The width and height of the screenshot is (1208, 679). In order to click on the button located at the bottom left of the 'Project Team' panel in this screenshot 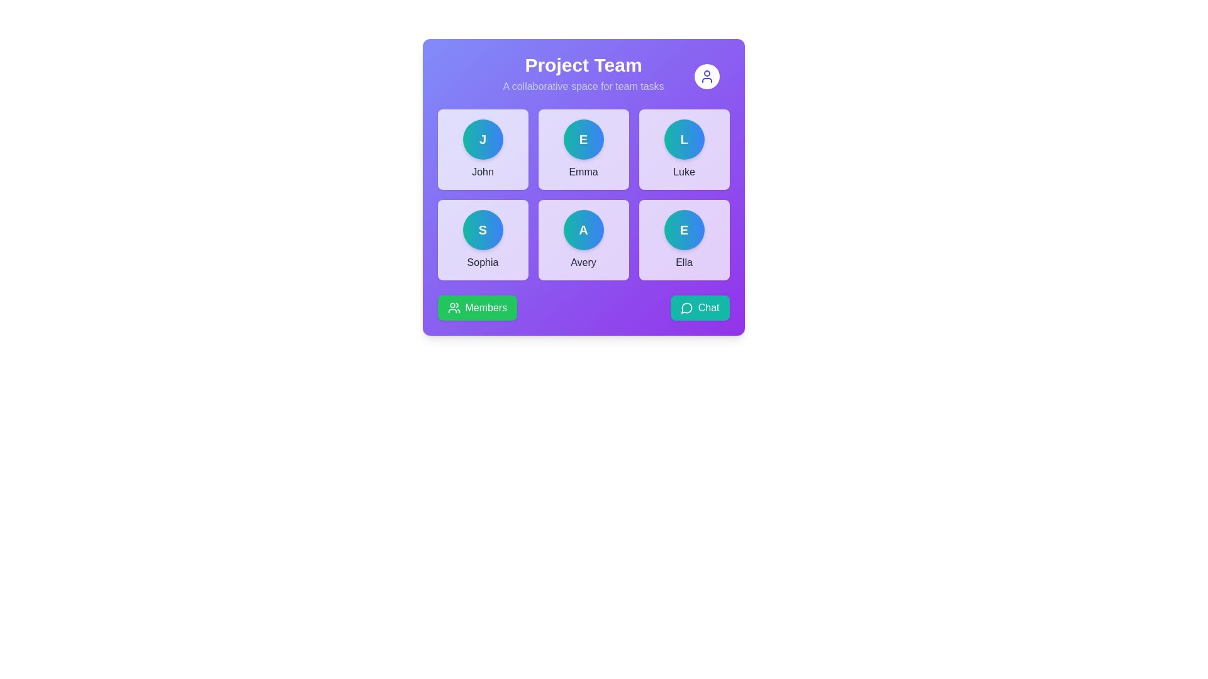, I will do `click(476, 307)`.